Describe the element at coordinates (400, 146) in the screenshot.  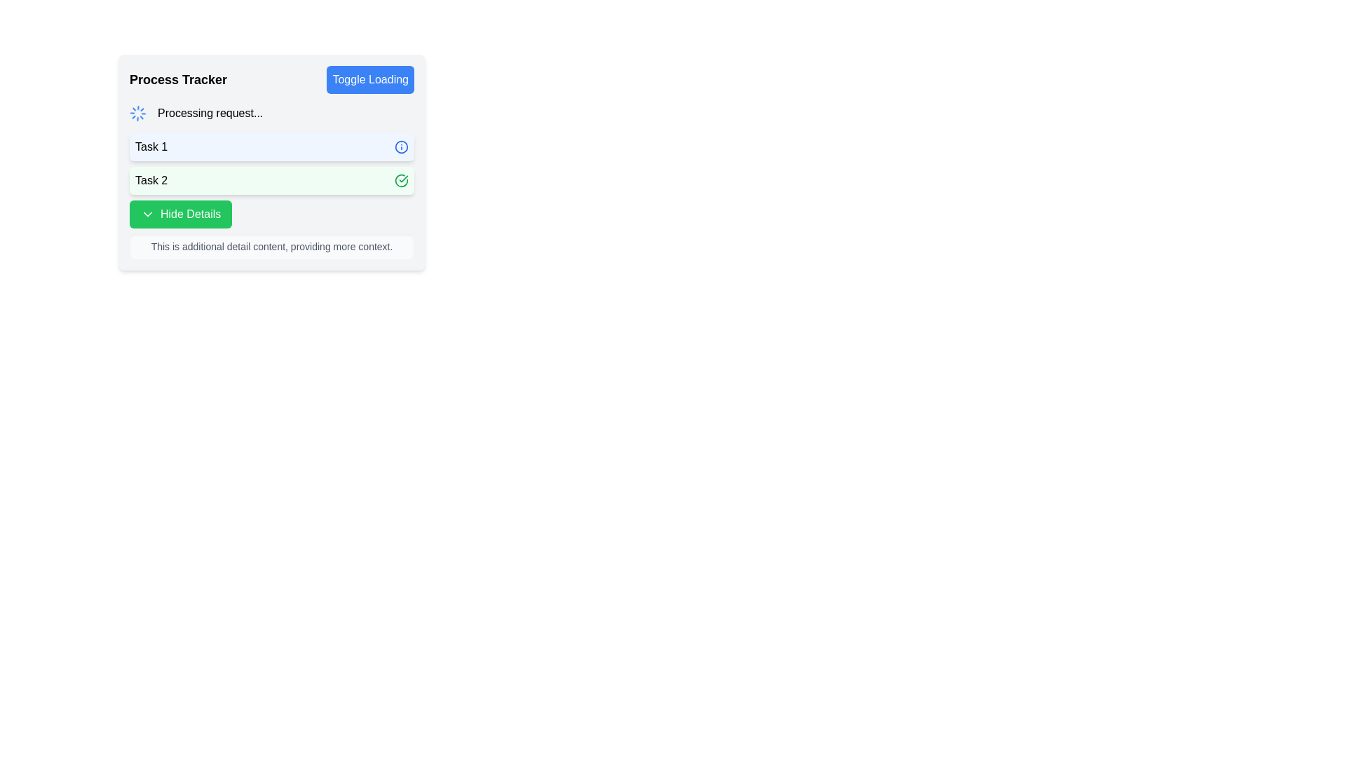
I see `the circular icon component representing Task 1's status in the Process Tracker section` at that location.